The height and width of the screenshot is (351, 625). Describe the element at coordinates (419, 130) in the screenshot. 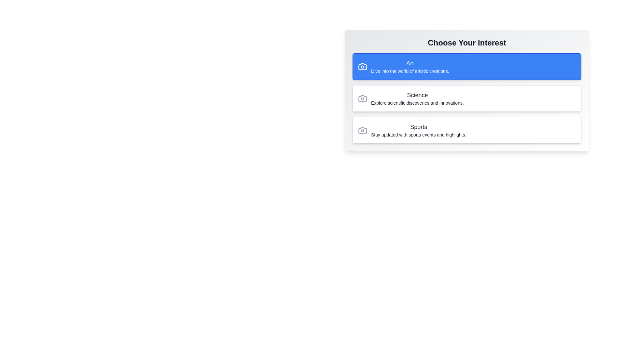

I see `the TextBlock displaying the title 'Sports' and the description 'Stay updated with sports events and highlights.'` at that location.